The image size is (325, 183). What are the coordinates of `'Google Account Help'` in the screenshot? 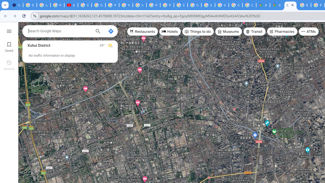 It's located at (98, 5).